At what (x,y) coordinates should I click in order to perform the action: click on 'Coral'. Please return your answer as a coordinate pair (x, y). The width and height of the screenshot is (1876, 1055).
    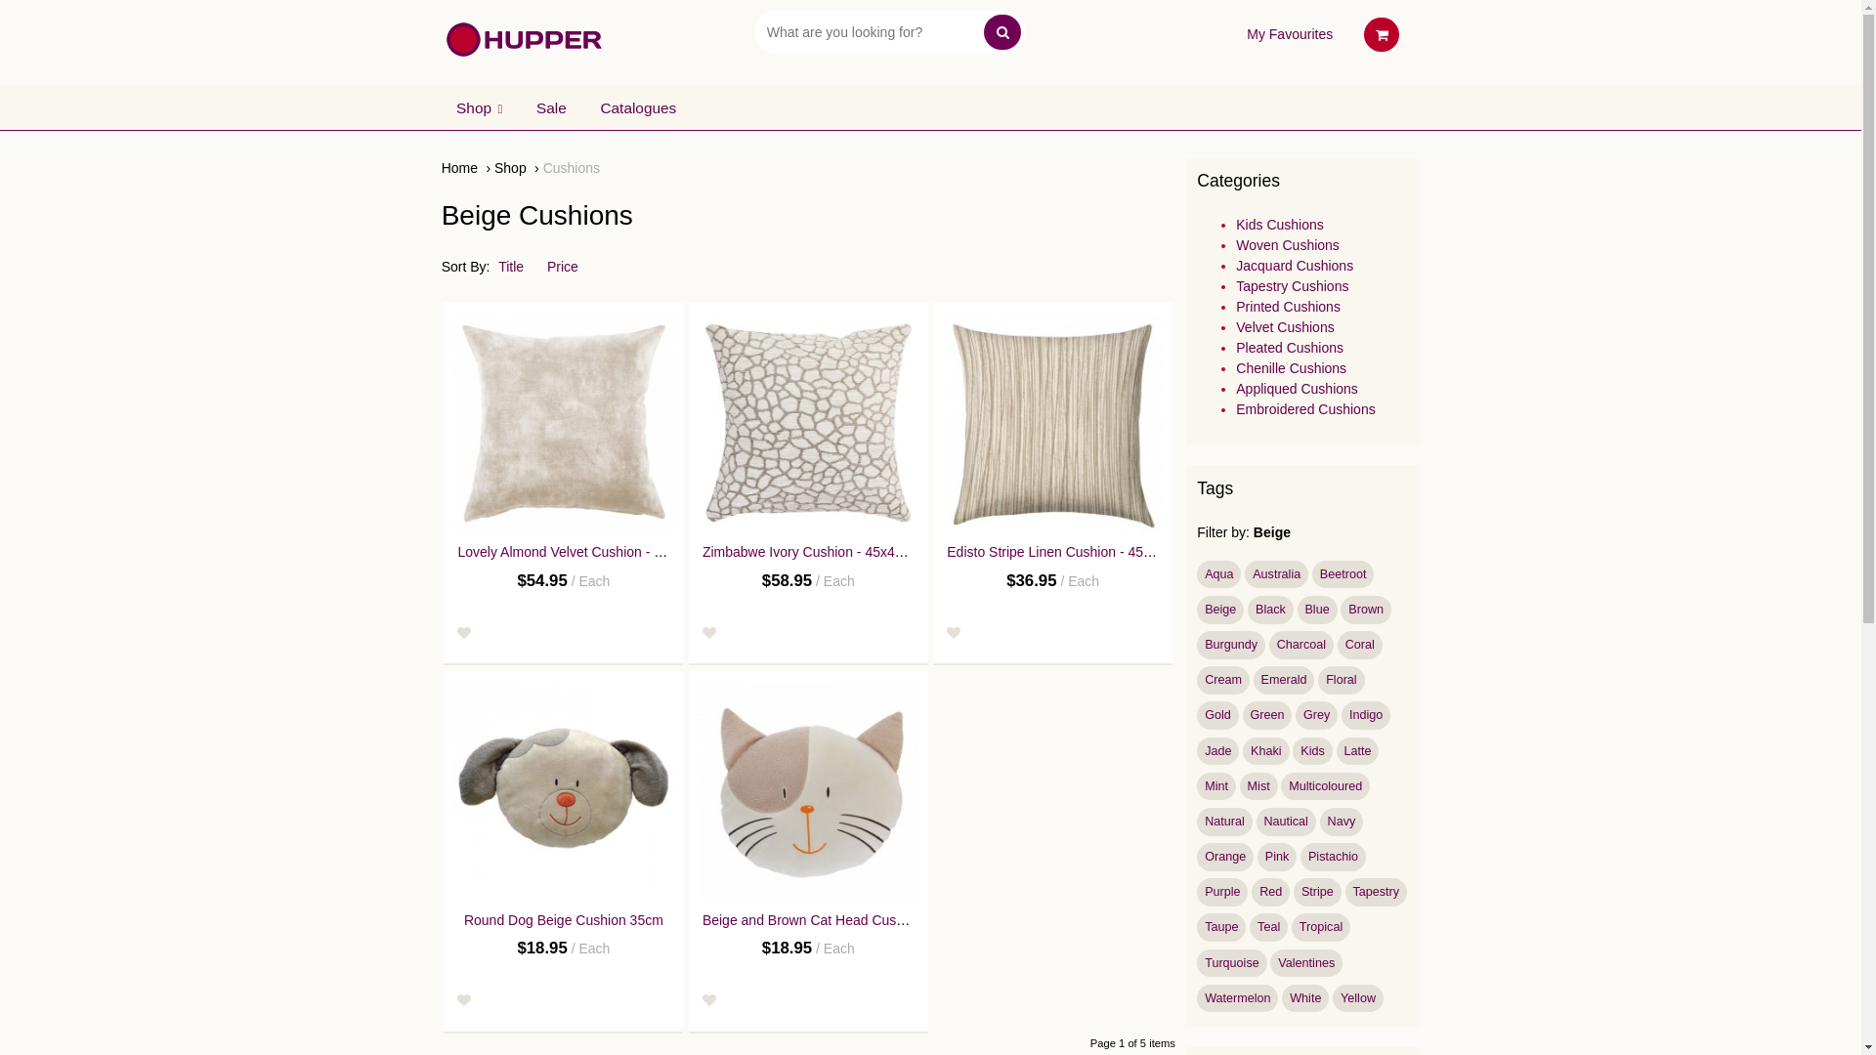
    Looking at the image, I should click on (1359, 645).